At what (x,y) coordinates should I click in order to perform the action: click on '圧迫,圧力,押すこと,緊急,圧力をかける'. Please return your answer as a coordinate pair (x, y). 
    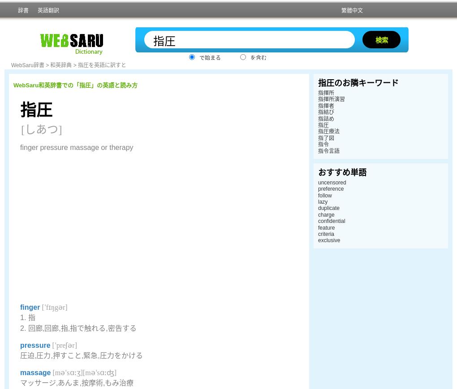
    Looking at the image, I should click on (81, 355).